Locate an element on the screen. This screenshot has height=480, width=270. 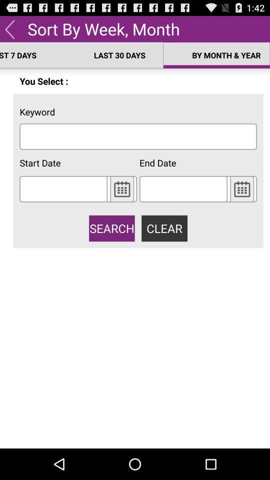
place cursor is located at coordinates (137, 136).